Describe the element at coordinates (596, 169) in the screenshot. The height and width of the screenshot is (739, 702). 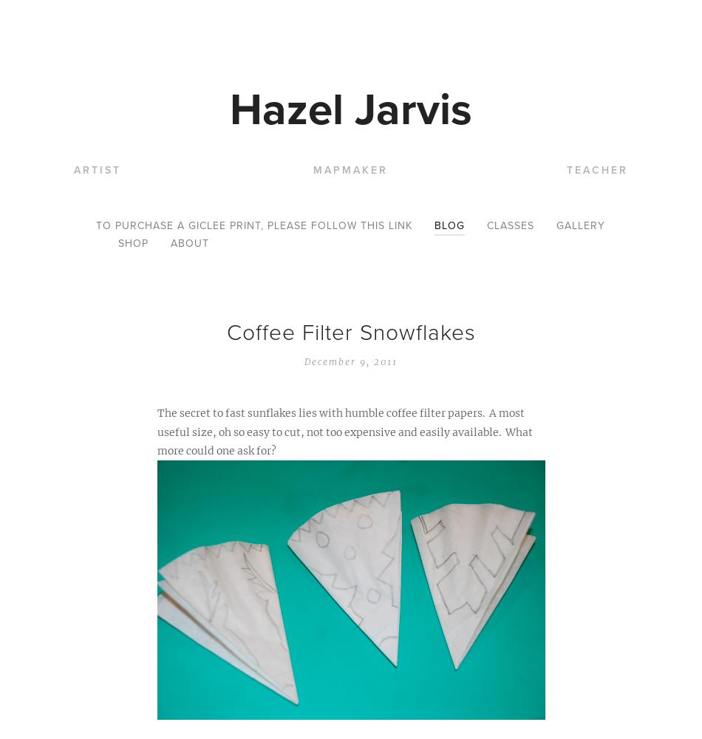
I see `'Teacher'` at that location.